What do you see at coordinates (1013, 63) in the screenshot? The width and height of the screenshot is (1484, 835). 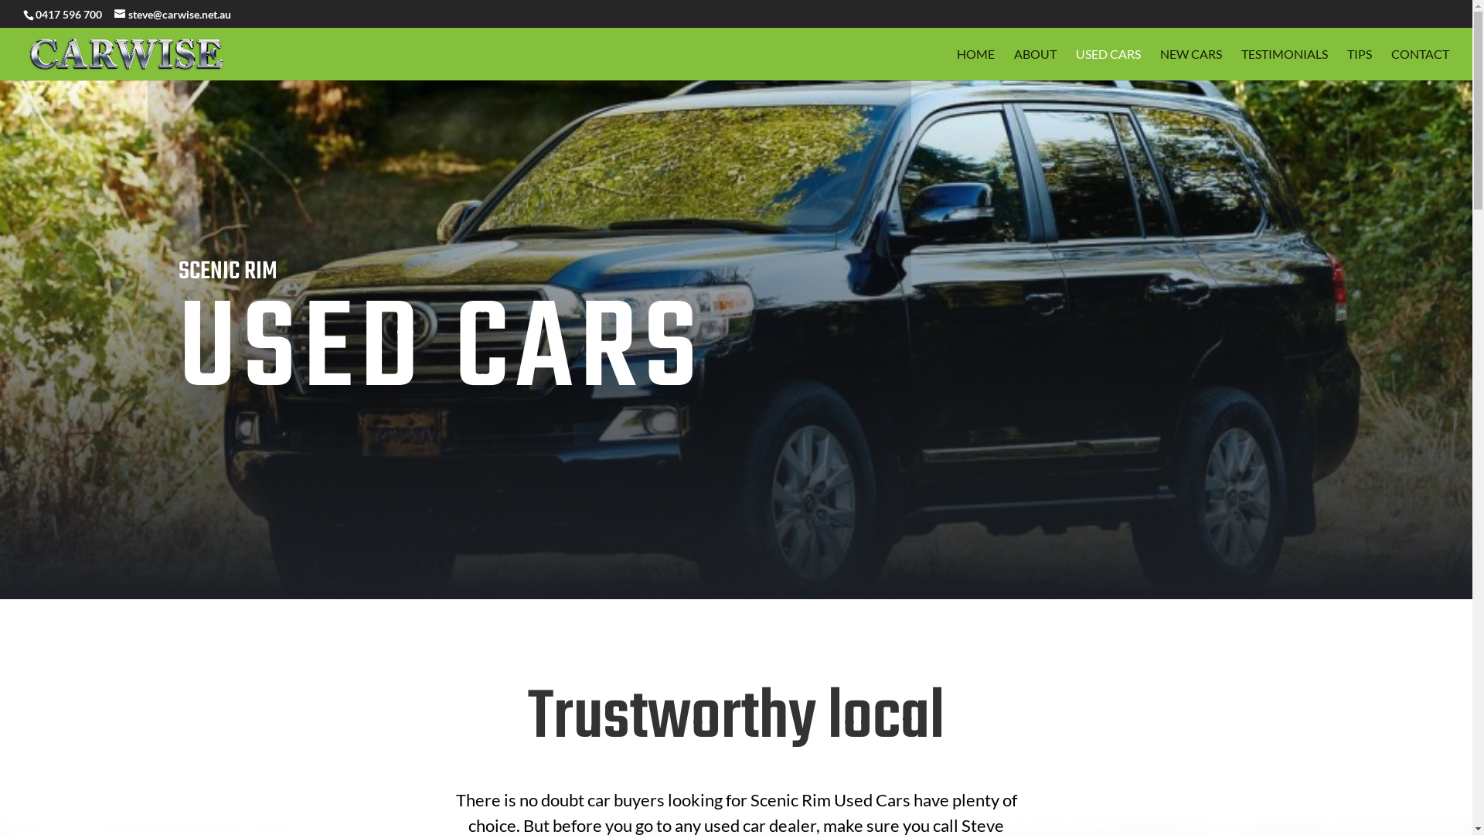 I see `'ABOUT'` at bounding box center [1013, 63].